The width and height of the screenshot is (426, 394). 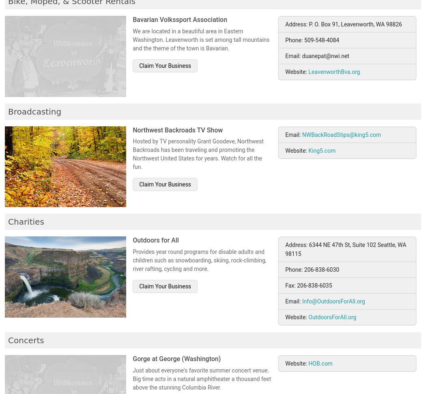 I want to click on '2010', so click(x=233, y=120).